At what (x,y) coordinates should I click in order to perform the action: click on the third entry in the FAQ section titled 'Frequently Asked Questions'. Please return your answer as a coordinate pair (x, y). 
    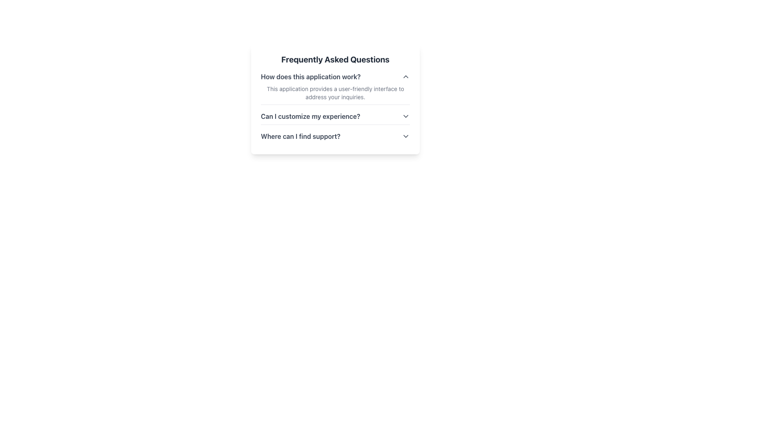
    Looking at the image, I should click on (335, 136).